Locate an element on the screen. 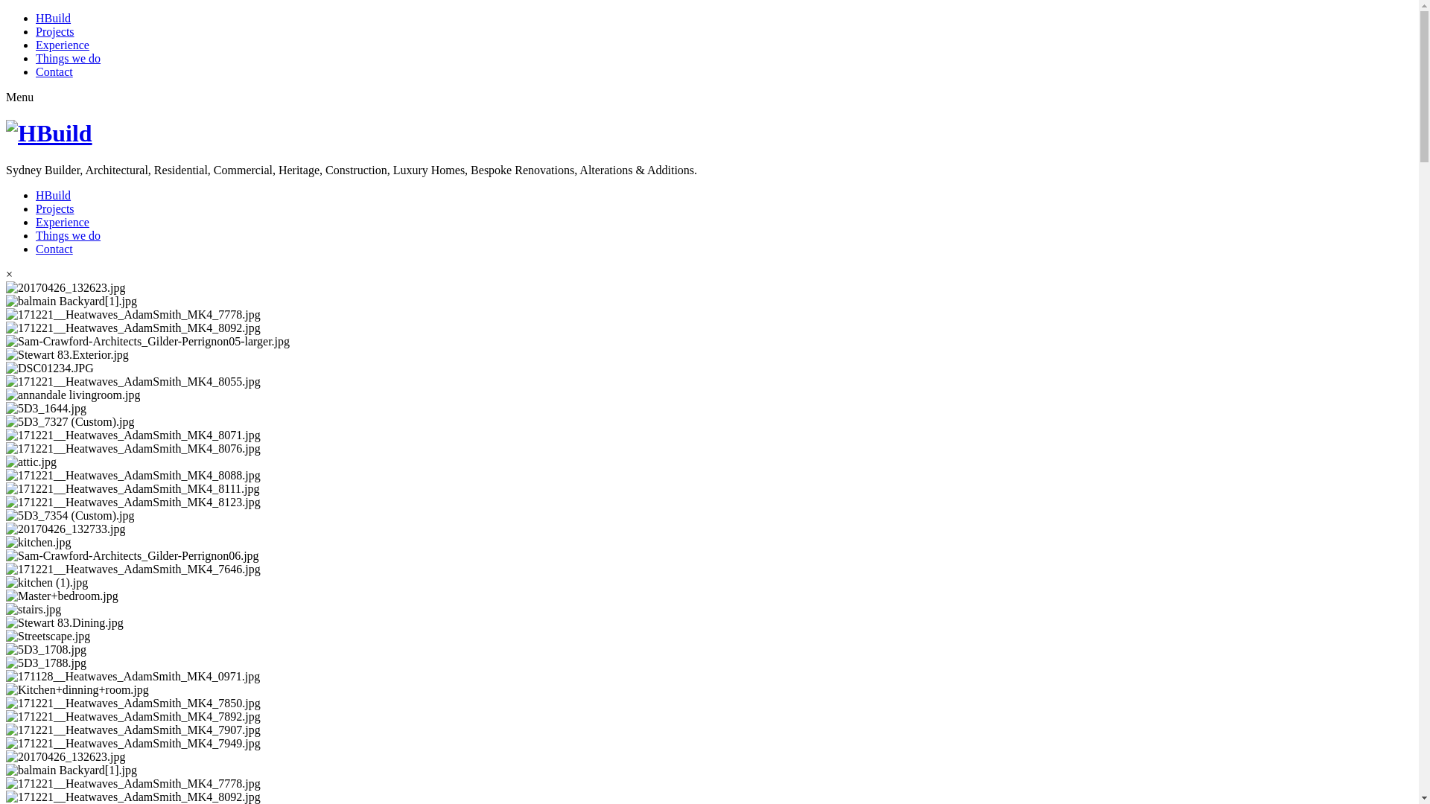 The width and height of the screenshot is (1430, 804). 'Projects' is located at coordinates (36, 31).